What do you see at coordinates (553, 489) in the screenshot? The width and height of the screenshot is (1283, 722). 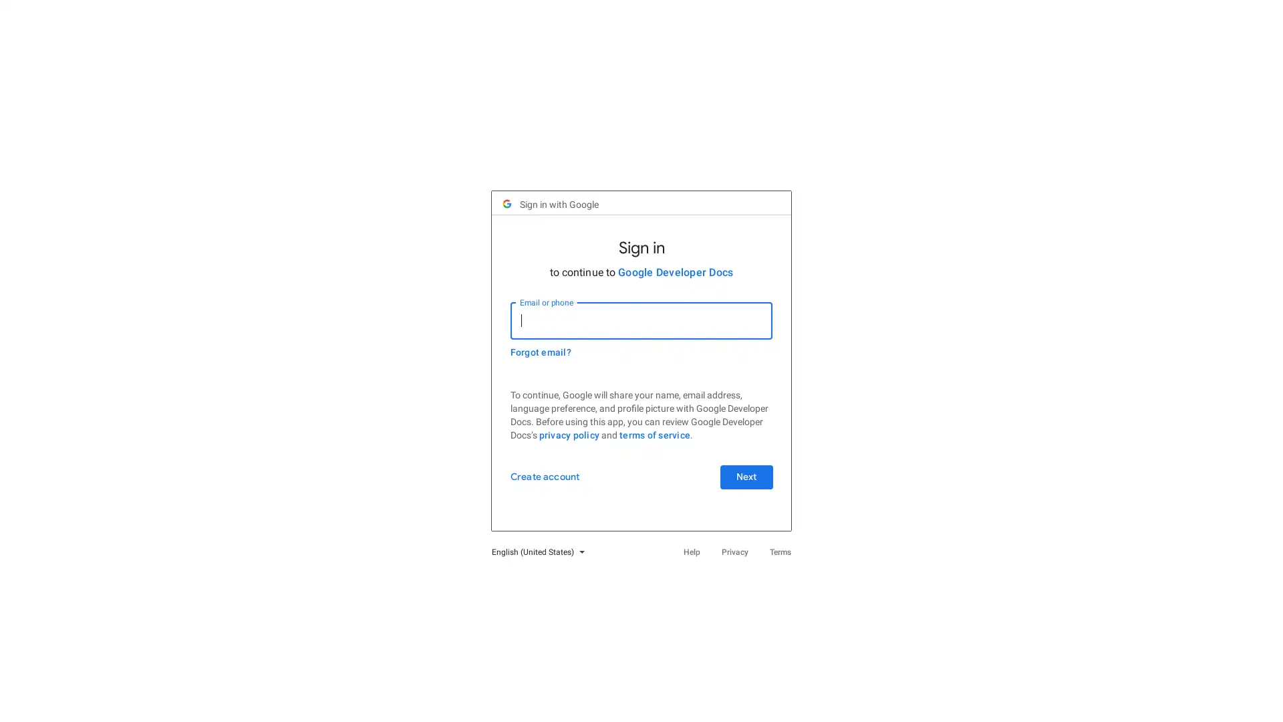 I see `Create account` at bounding box center [553, 489].